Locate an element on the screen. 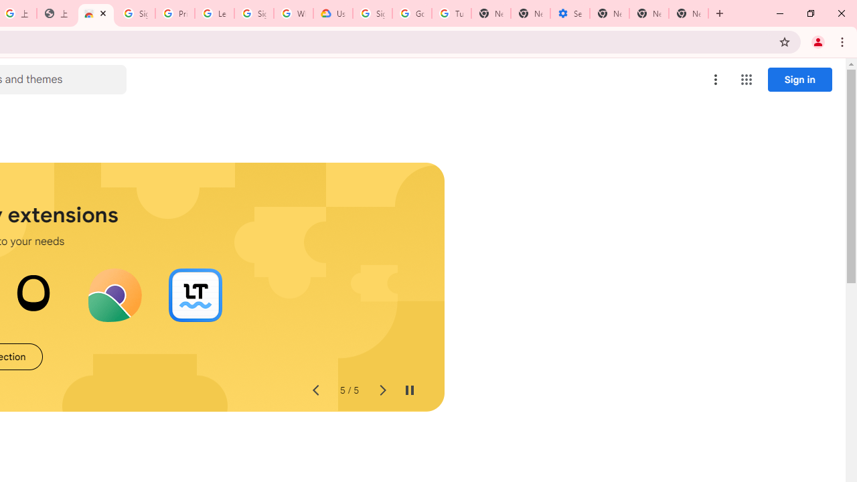  'New Tab' is located at coordinates (609, 13).